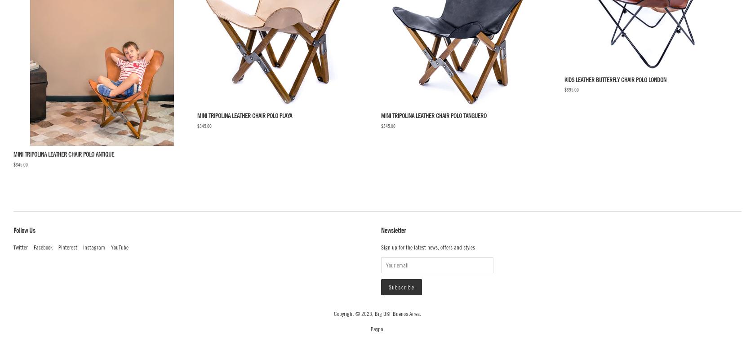 The height and width of the screenshot is (346, 755). What do you see at coordinates (24, 230) in the screenshot?
I see `'Follow Us'` at bounding box center [24, 230].